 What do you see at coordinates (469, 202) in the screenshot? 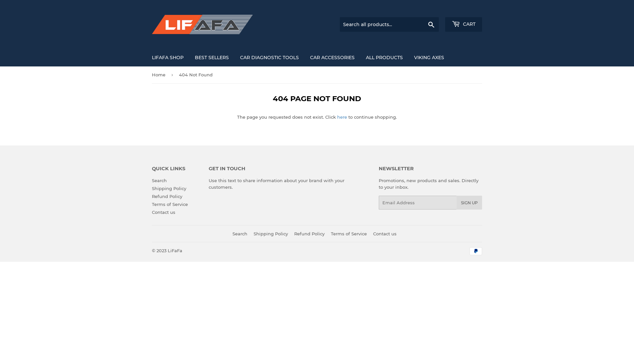
I see `'SIGN UP'` at bounding box center [469, 202].